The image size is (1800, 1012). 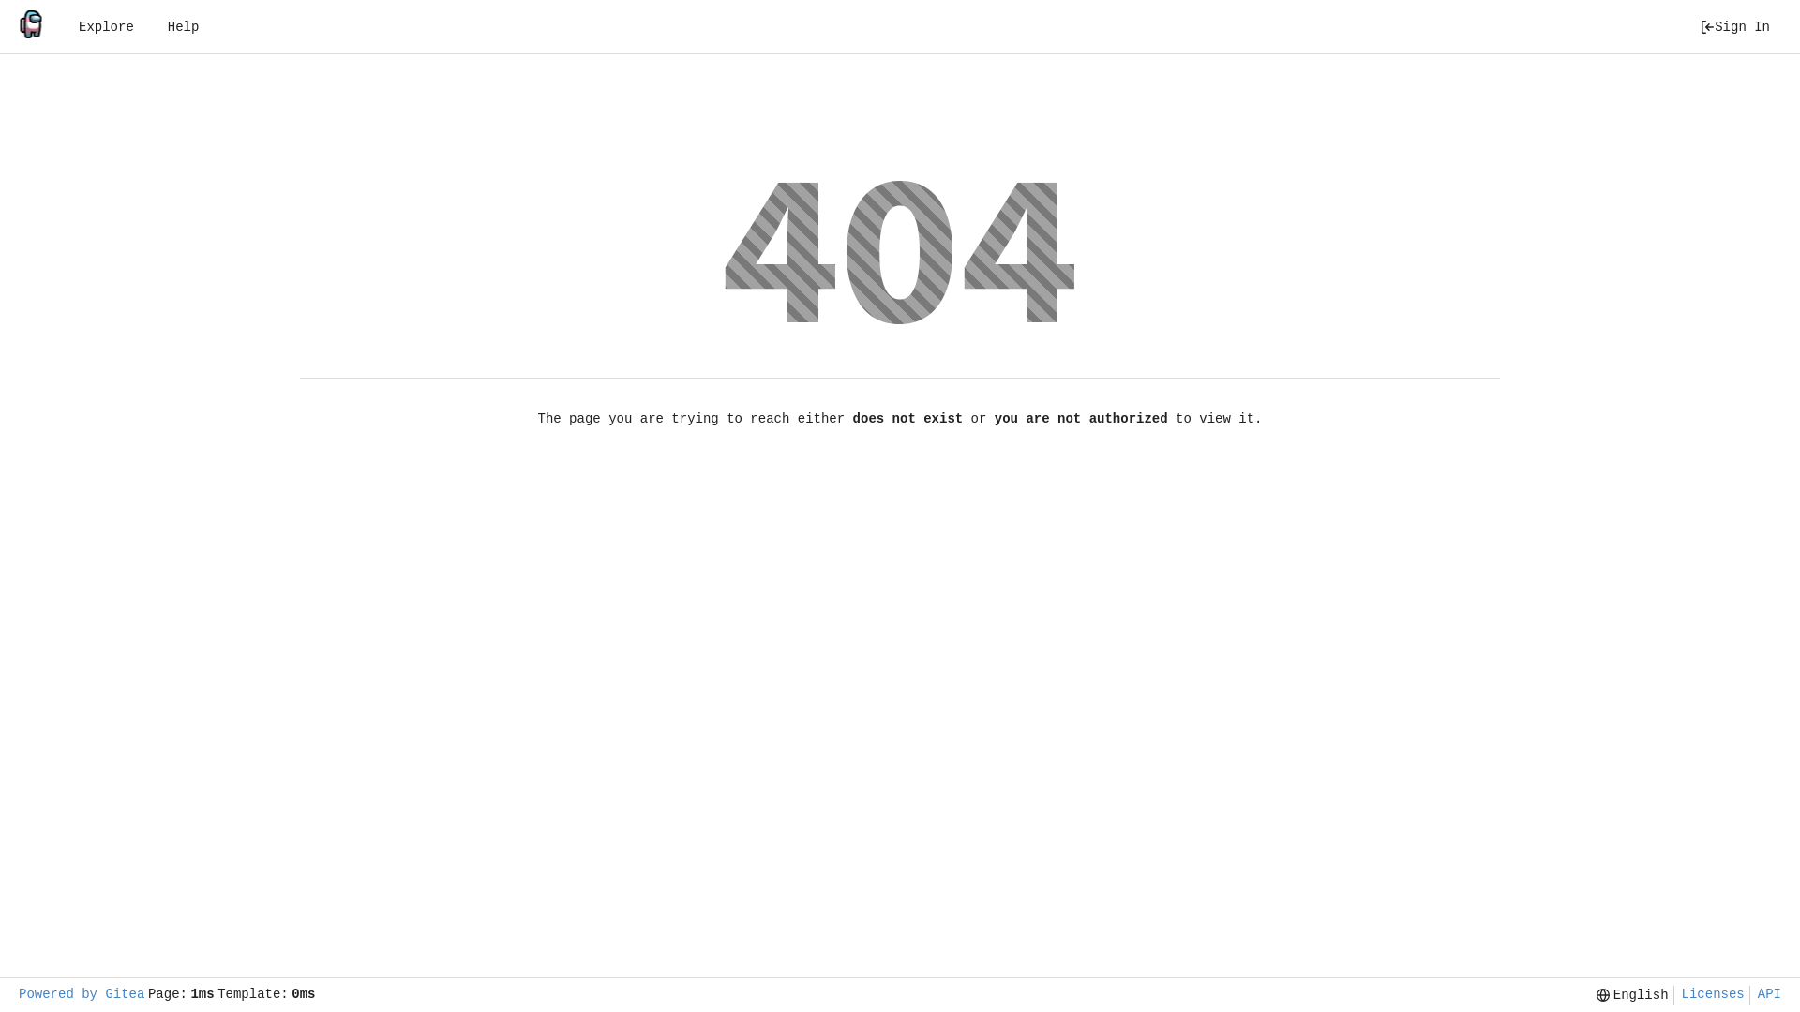 What do you see at coordinates (1733, 27) in the screenshot?
I see `'Sign In'` at bounding box center [1733, 27].